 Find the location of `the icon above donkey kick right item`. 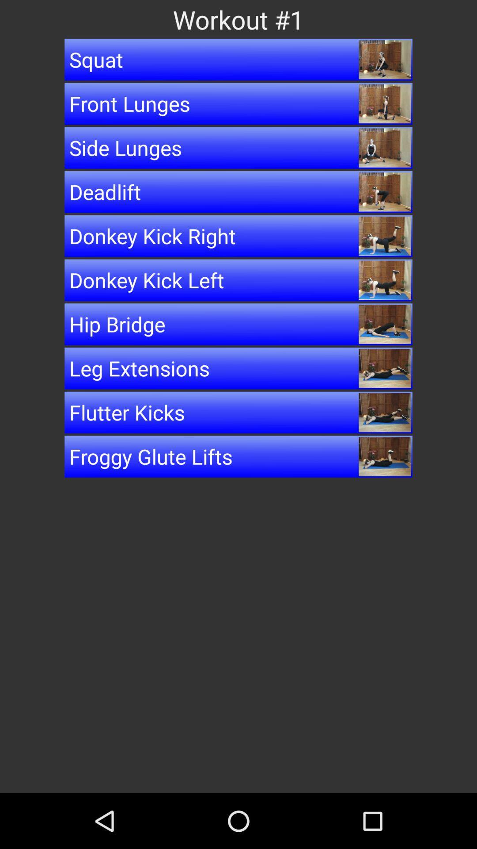

the icon above donkey kick right item is located at coordinates (238, 191).